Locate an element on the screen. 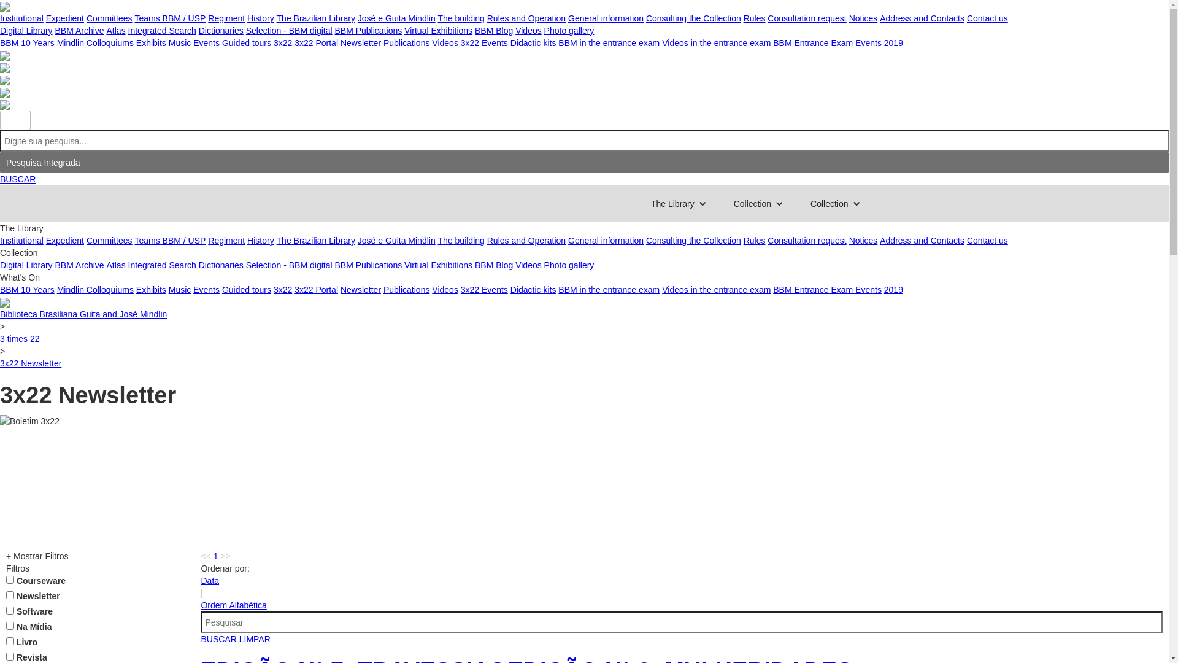  'Data' is located at coordinates (209, 580).